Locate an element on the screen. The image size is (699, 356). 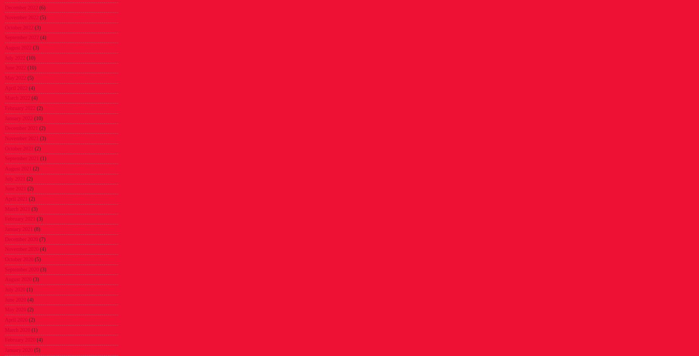
'August 2022' is located at coordinates (17, 48).